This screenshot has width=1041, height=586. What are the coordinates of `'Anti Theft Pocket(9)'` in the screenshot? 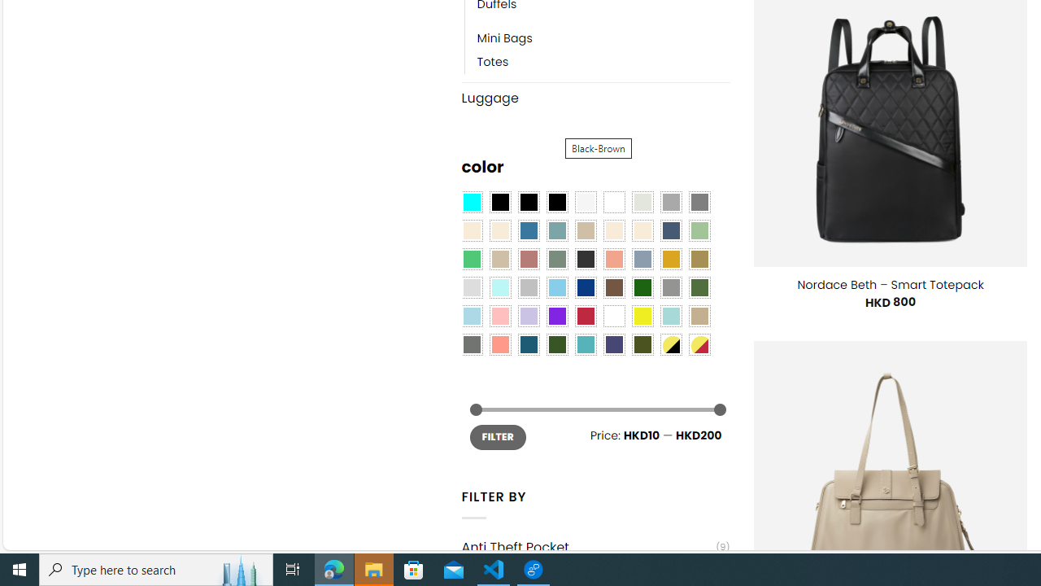 It's located at (595, 547).